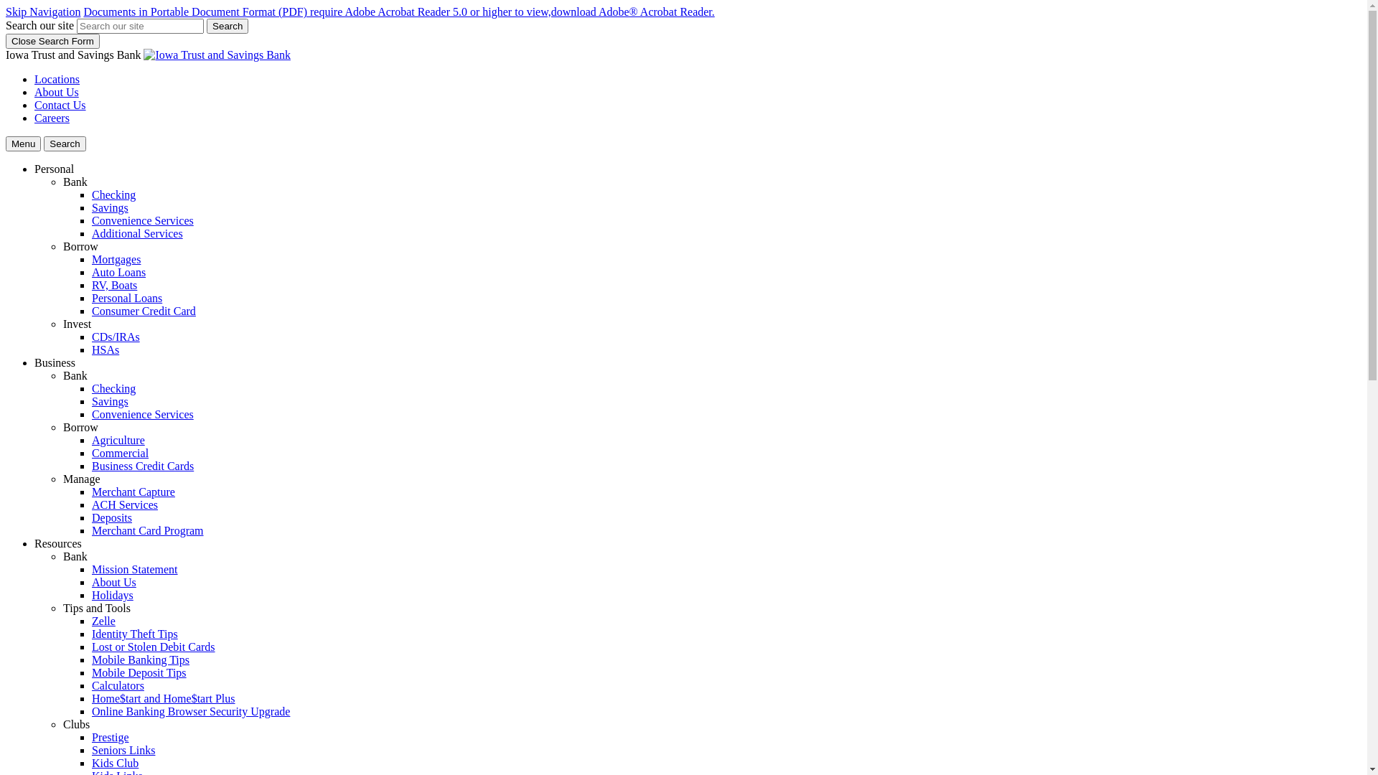 The height and width of the screenshot is (775, 1378). I want to click on 'Contact Us', so click(59, 104).